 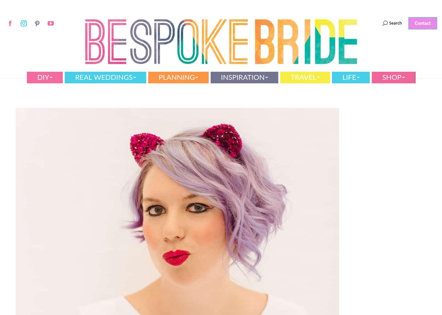 What do you see at coordinates (231, 91) in the screenshot?
I see `'Anniversary'` at bounding box center [231, 91].